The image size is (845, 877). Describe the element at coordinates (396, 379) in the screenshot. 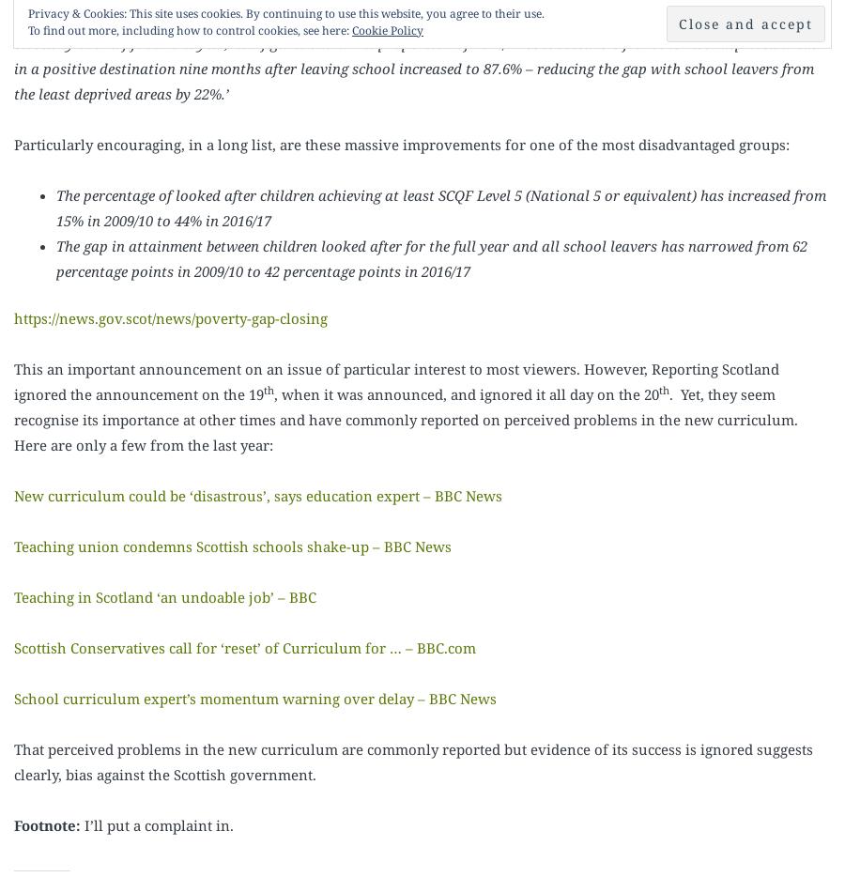

I see `'This an important announcement on an issue of particular interest to most viewers. However, Reporting Scotland ignored the announcement on the 19'` at that location.